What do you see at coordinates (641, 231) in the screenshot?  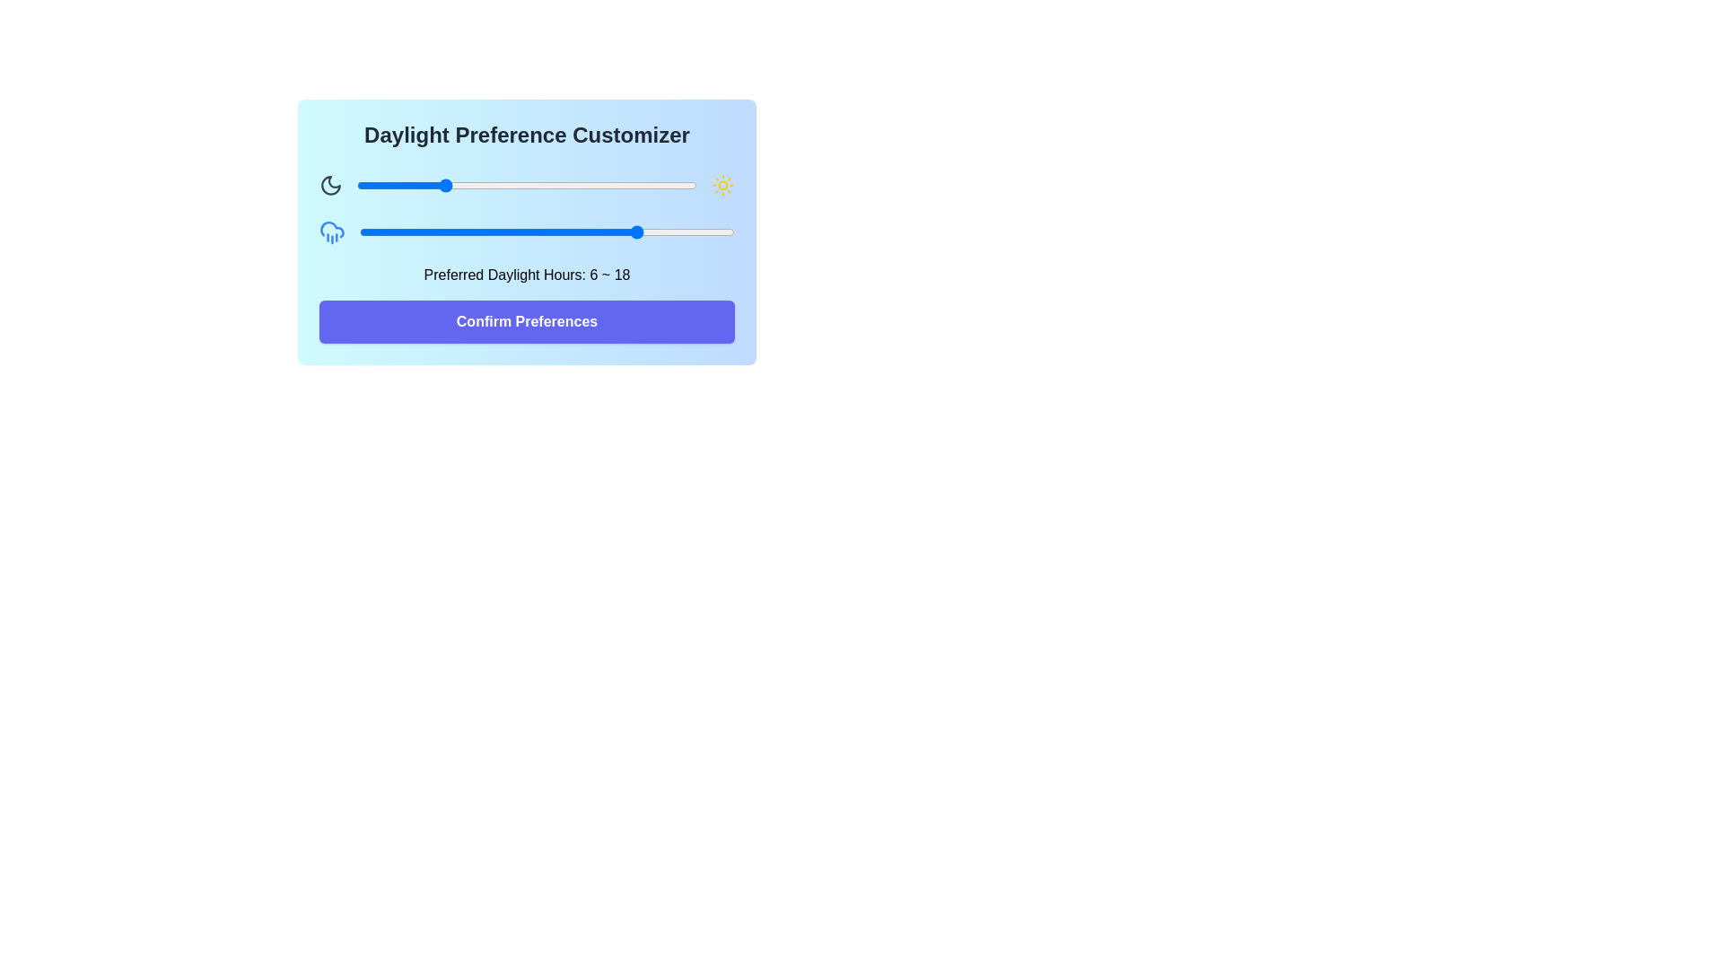 I see `the daylight preference` at bounding box center [641, 231].